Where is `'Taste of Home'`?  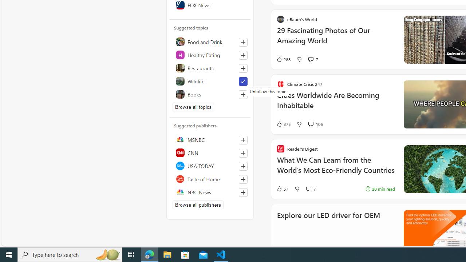 'Taste of Home' is located at coordinates (210, 179).